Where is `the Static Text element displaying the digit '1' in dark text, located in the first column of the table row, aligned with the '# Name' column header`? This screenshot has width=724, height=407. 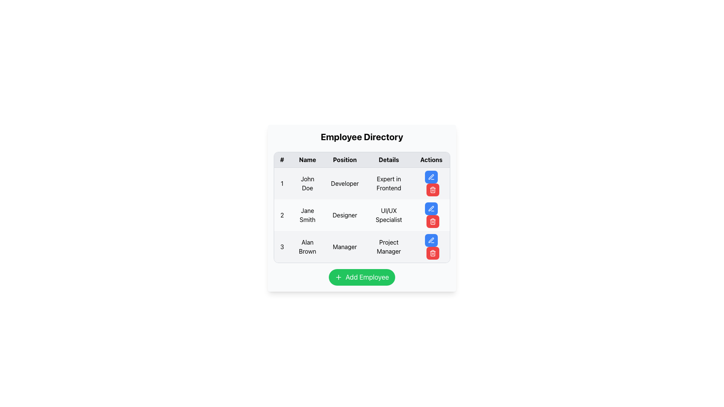
the Static Text element displaying the digit '1' in dark text, located in the first column of the table row, aligned with the '# Name' column header is located at coordinates (282, 183).